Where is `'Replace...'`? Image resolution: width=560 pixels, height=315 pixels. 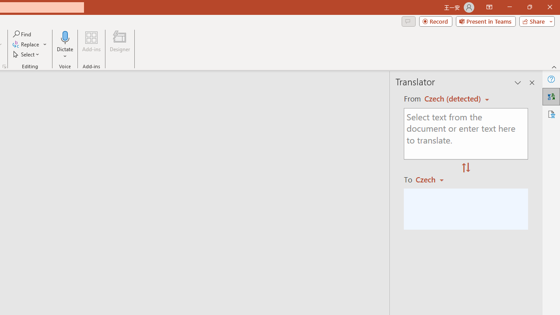 'Replace...' is located at coordinates (30, 44).